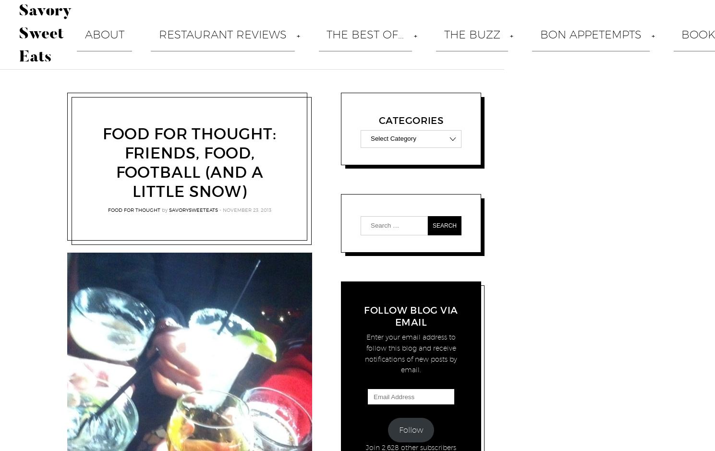  I want to click on 'Diners', so click(256, 261).